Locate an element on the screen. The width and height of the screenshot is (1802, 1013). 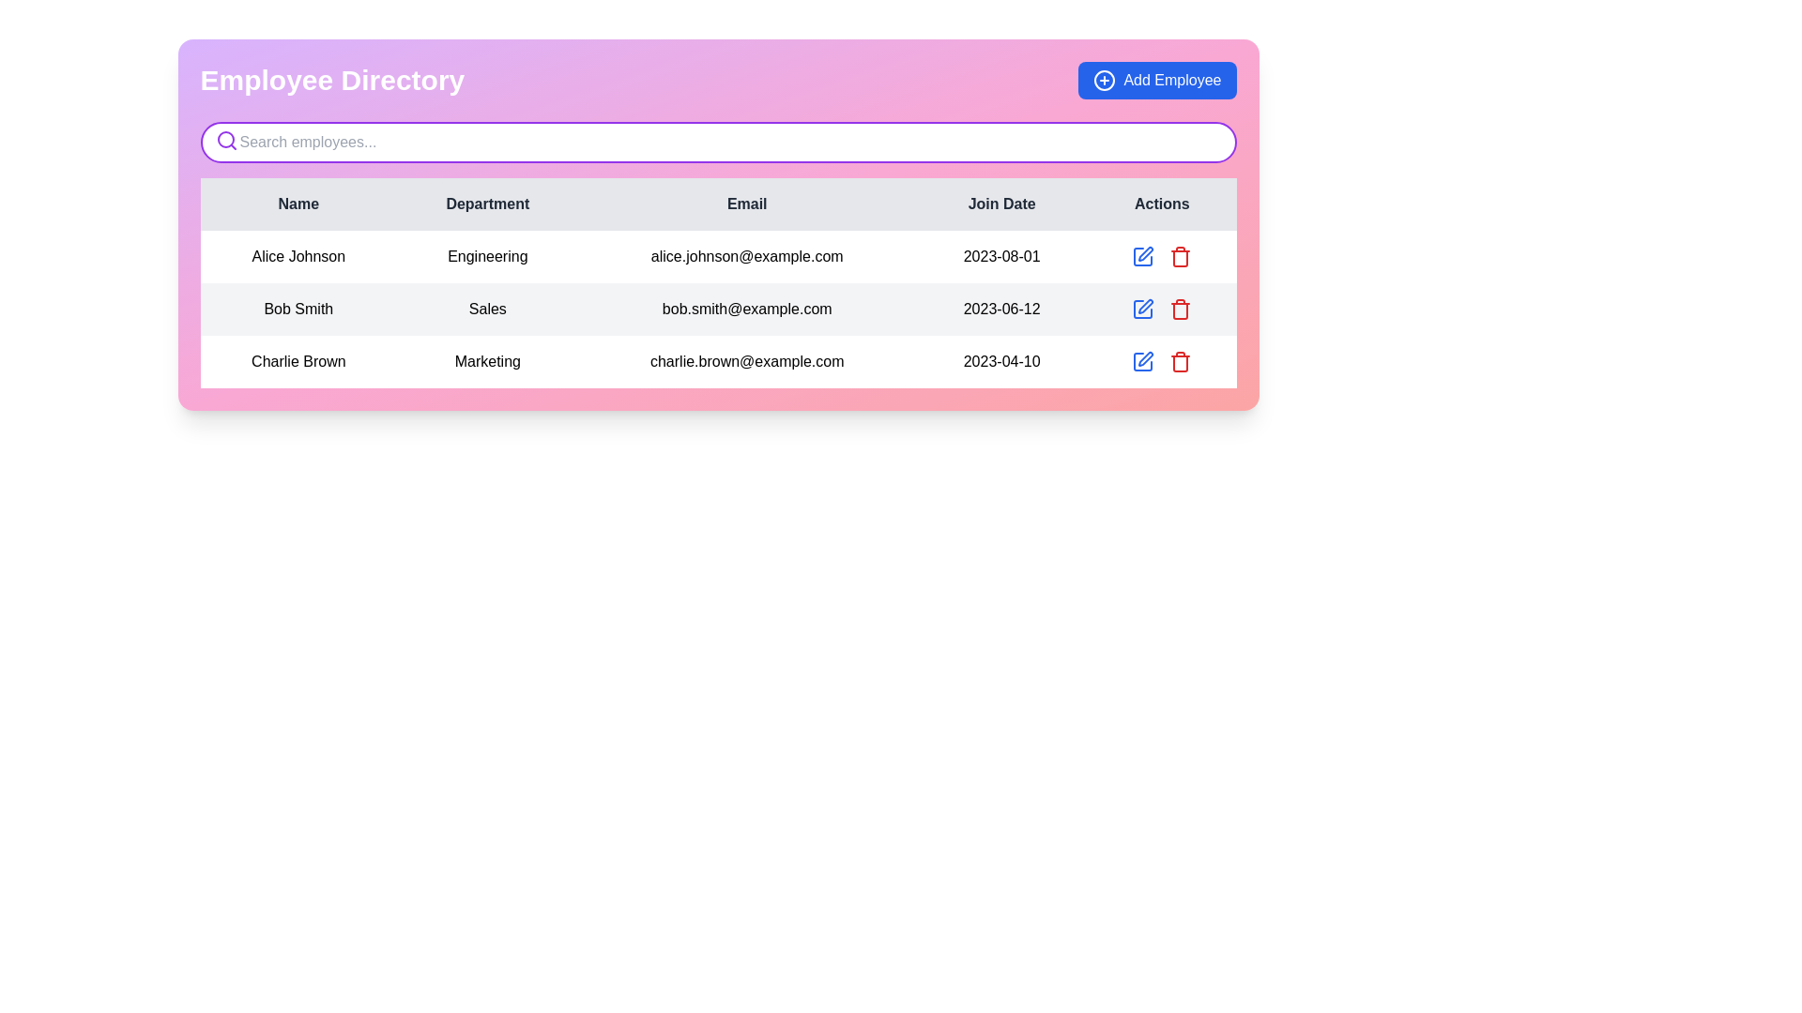
the email address 'alice.johnson@example.com' displayed in black text within the 'Email' column of the first row, located right of the 'Engineering' cell and left of the '2023-08-01' cell is located at coordinates (746, 256).